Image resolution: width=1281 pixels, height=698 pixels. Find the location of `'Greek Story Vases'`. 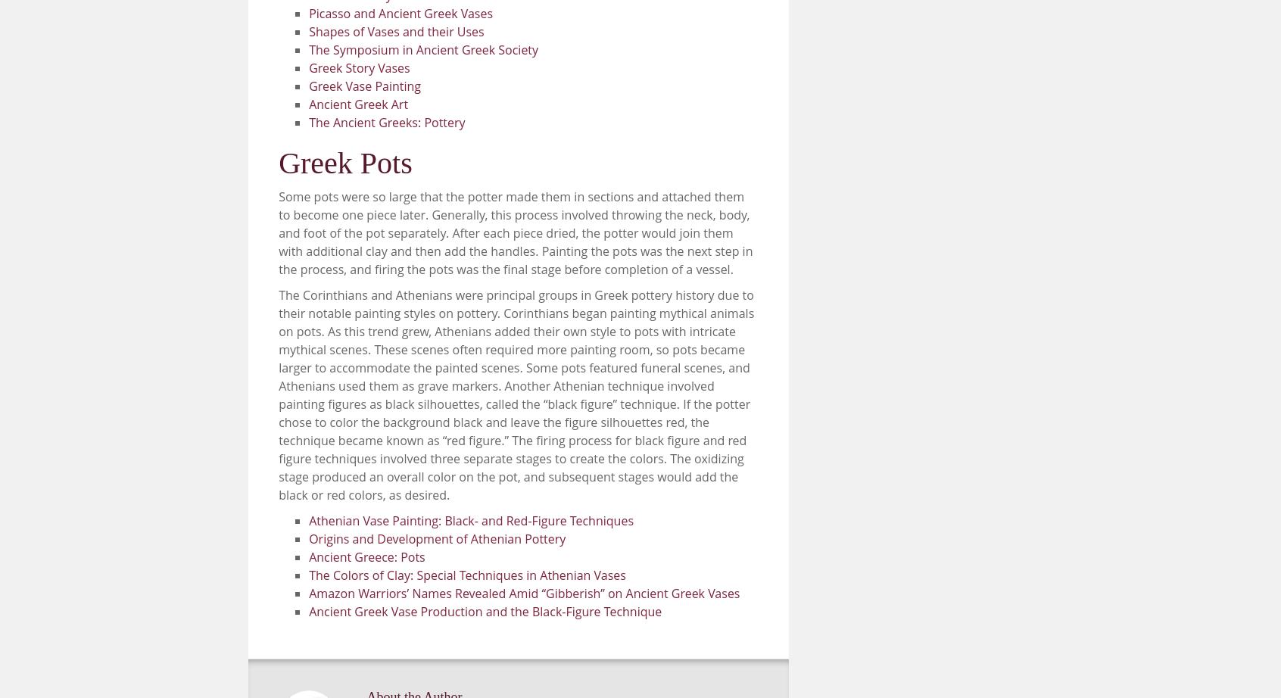

'Greek Story Vases' is located at coordinates (358, 67).